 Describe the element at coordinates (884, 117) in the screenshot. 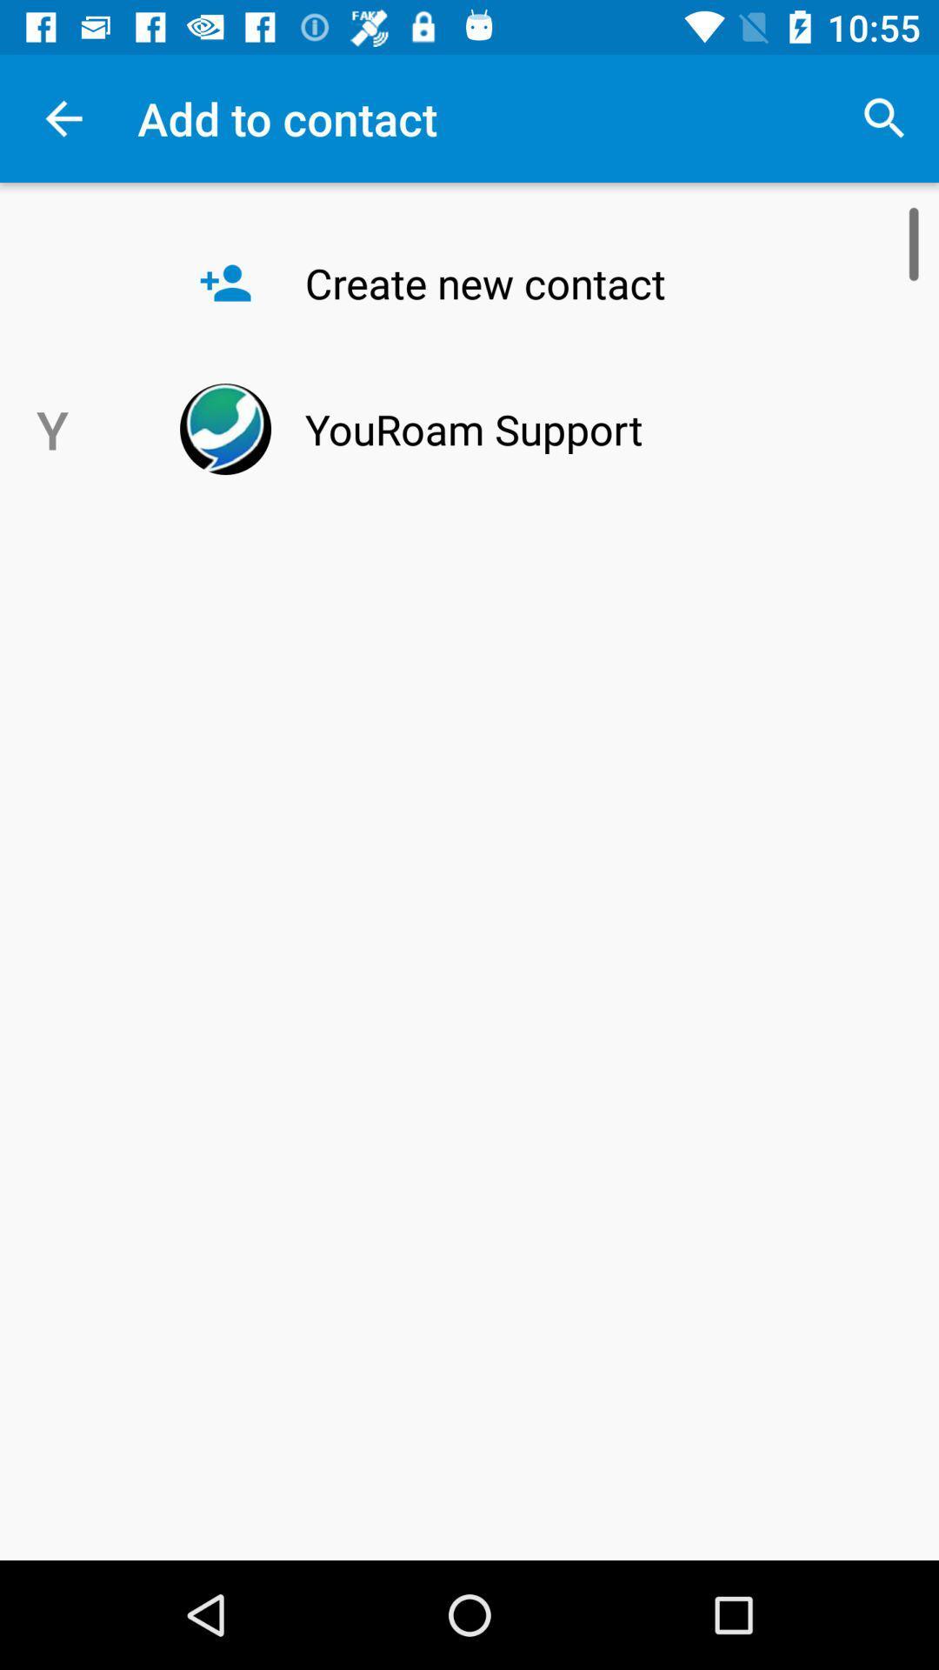

I see `app to the right of the add to contact app` at that location.